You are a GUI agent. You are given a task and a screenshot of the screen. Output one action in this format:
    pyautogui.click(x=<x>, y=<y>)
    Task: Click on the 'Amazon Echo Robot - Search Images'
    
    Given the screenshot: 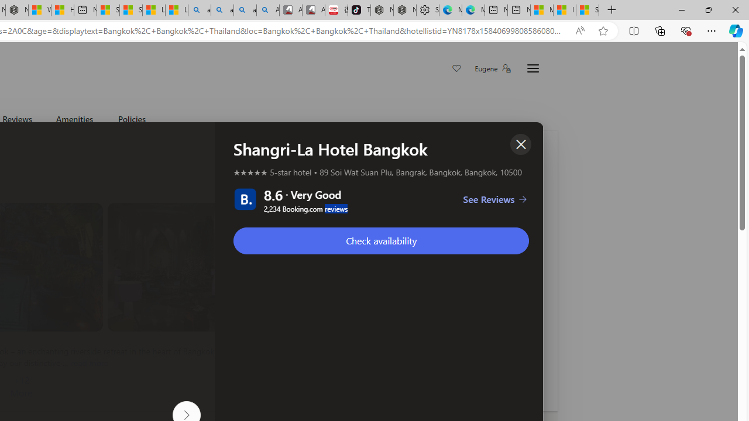 What is the action you would take?
    pyautogui.click(x=267, y=10)
    